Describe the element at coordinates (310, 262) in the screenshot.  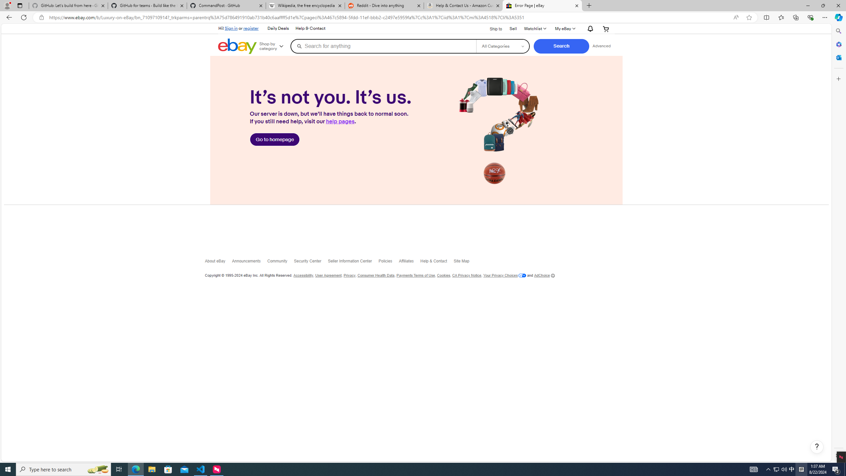
I see `'Security Center'` at that location.